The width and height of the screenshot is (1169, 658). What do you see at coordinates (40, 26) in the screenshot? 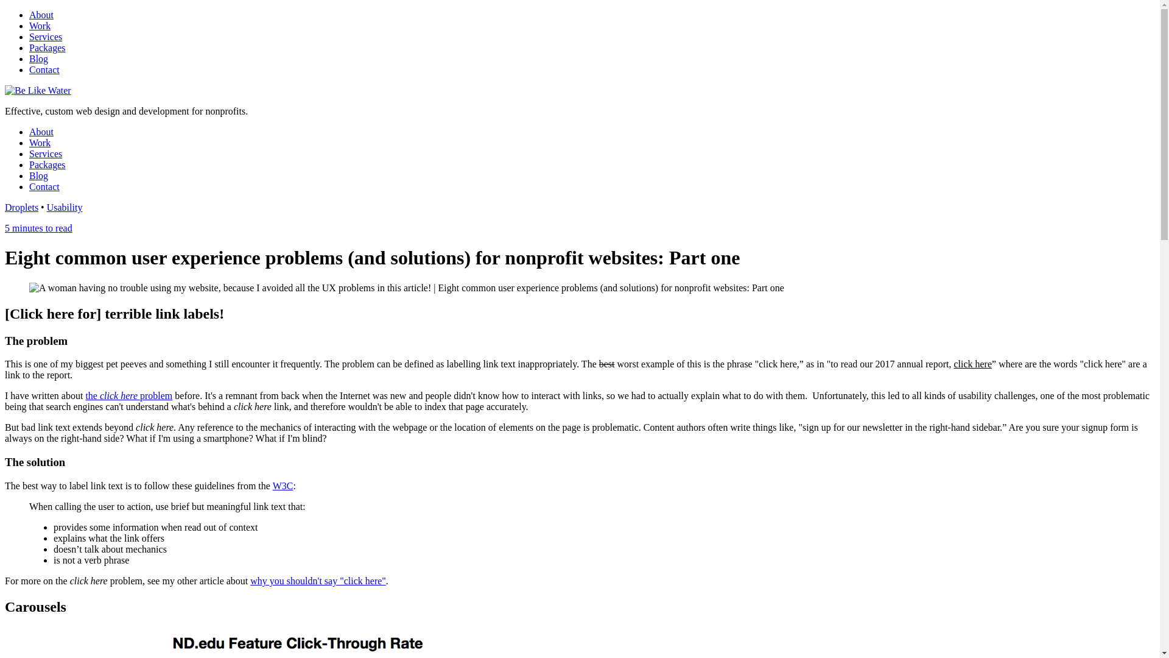
I see `'Work'` at bounding box center [40, 26].